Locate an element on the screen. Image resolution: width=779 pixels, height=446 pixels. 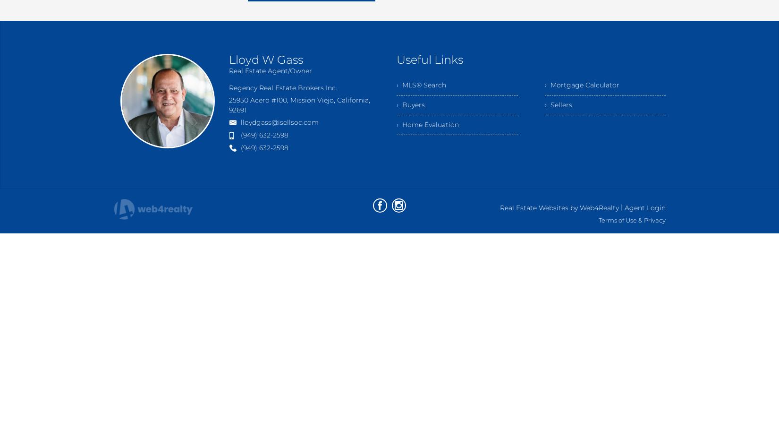
'|' is located at coordinates (618, 206).